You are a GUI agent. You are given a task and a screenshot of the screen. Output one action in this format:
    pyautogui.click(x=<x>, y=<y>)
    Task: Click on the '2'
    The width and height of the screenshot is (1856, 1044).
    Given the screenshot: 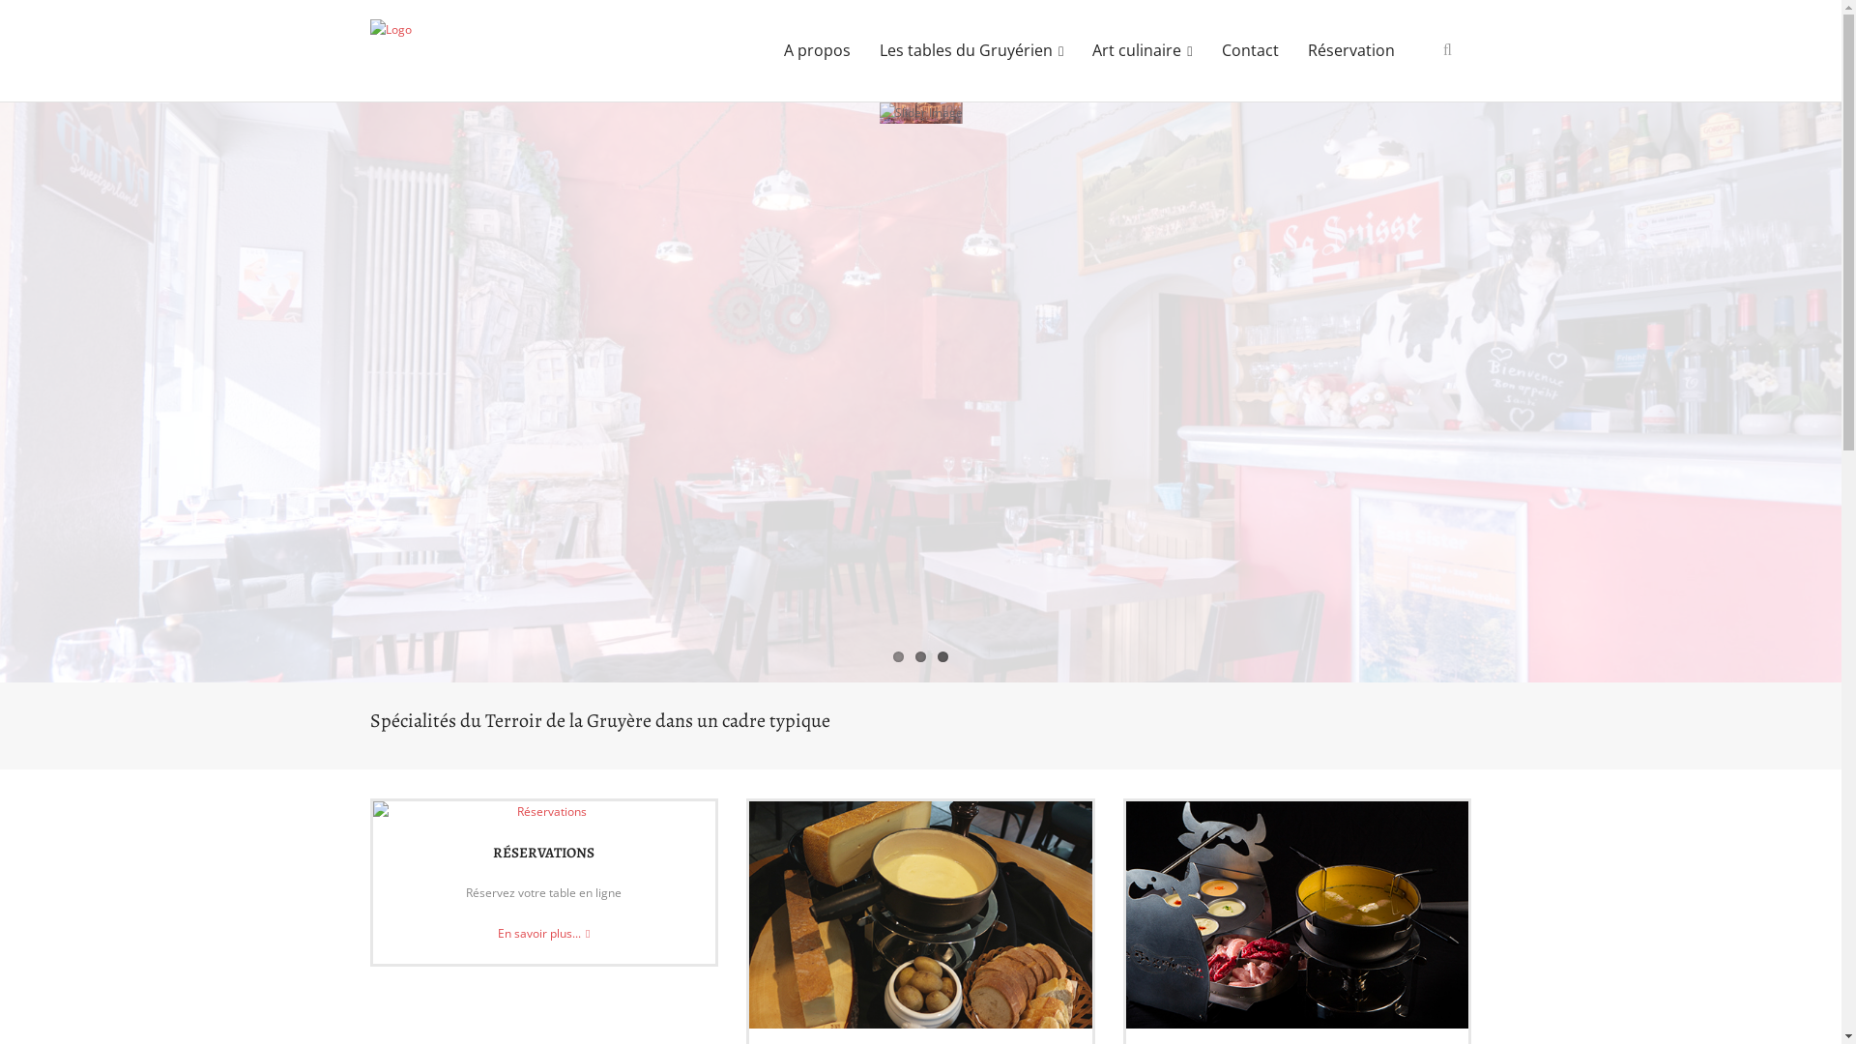 What is the action you would take?
    pyautogui.click(x=919, y=655)
    